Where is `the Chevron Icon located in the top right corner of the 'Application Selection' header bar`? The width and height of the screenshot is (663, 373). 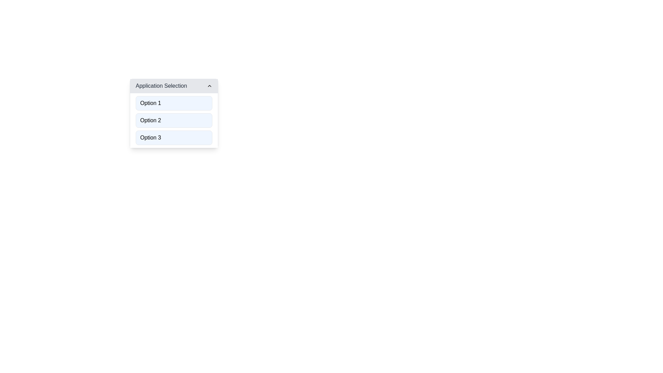 the Chevron Icon located in the top right corner of the 'Application Selection' header bar is located at coordinates (209, 86).